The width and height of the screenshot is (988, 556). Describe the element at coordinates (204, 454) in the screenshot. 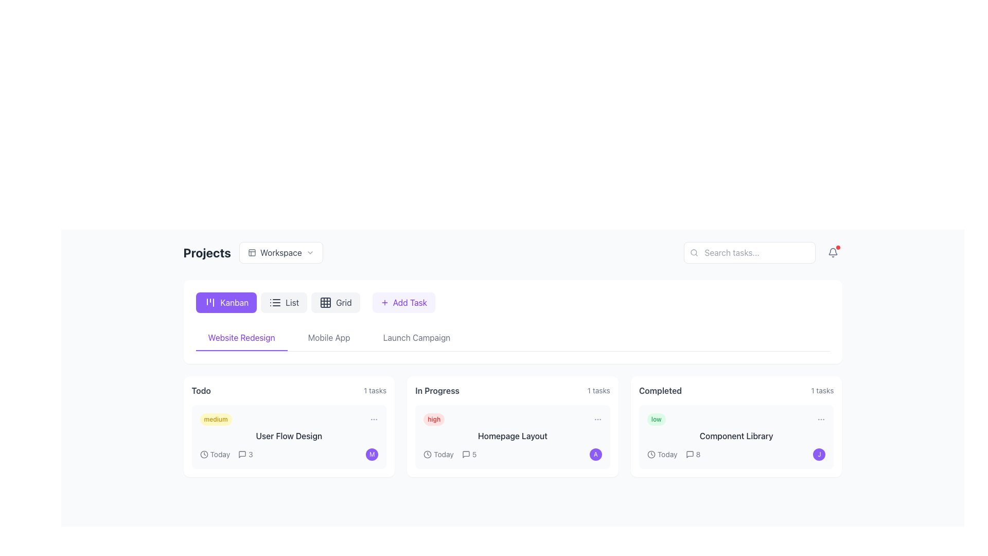

I see `circular clock icon located immediately to the left of the text 'Today', which features a minimal design with two thin lines resembling clock hands` at that location.